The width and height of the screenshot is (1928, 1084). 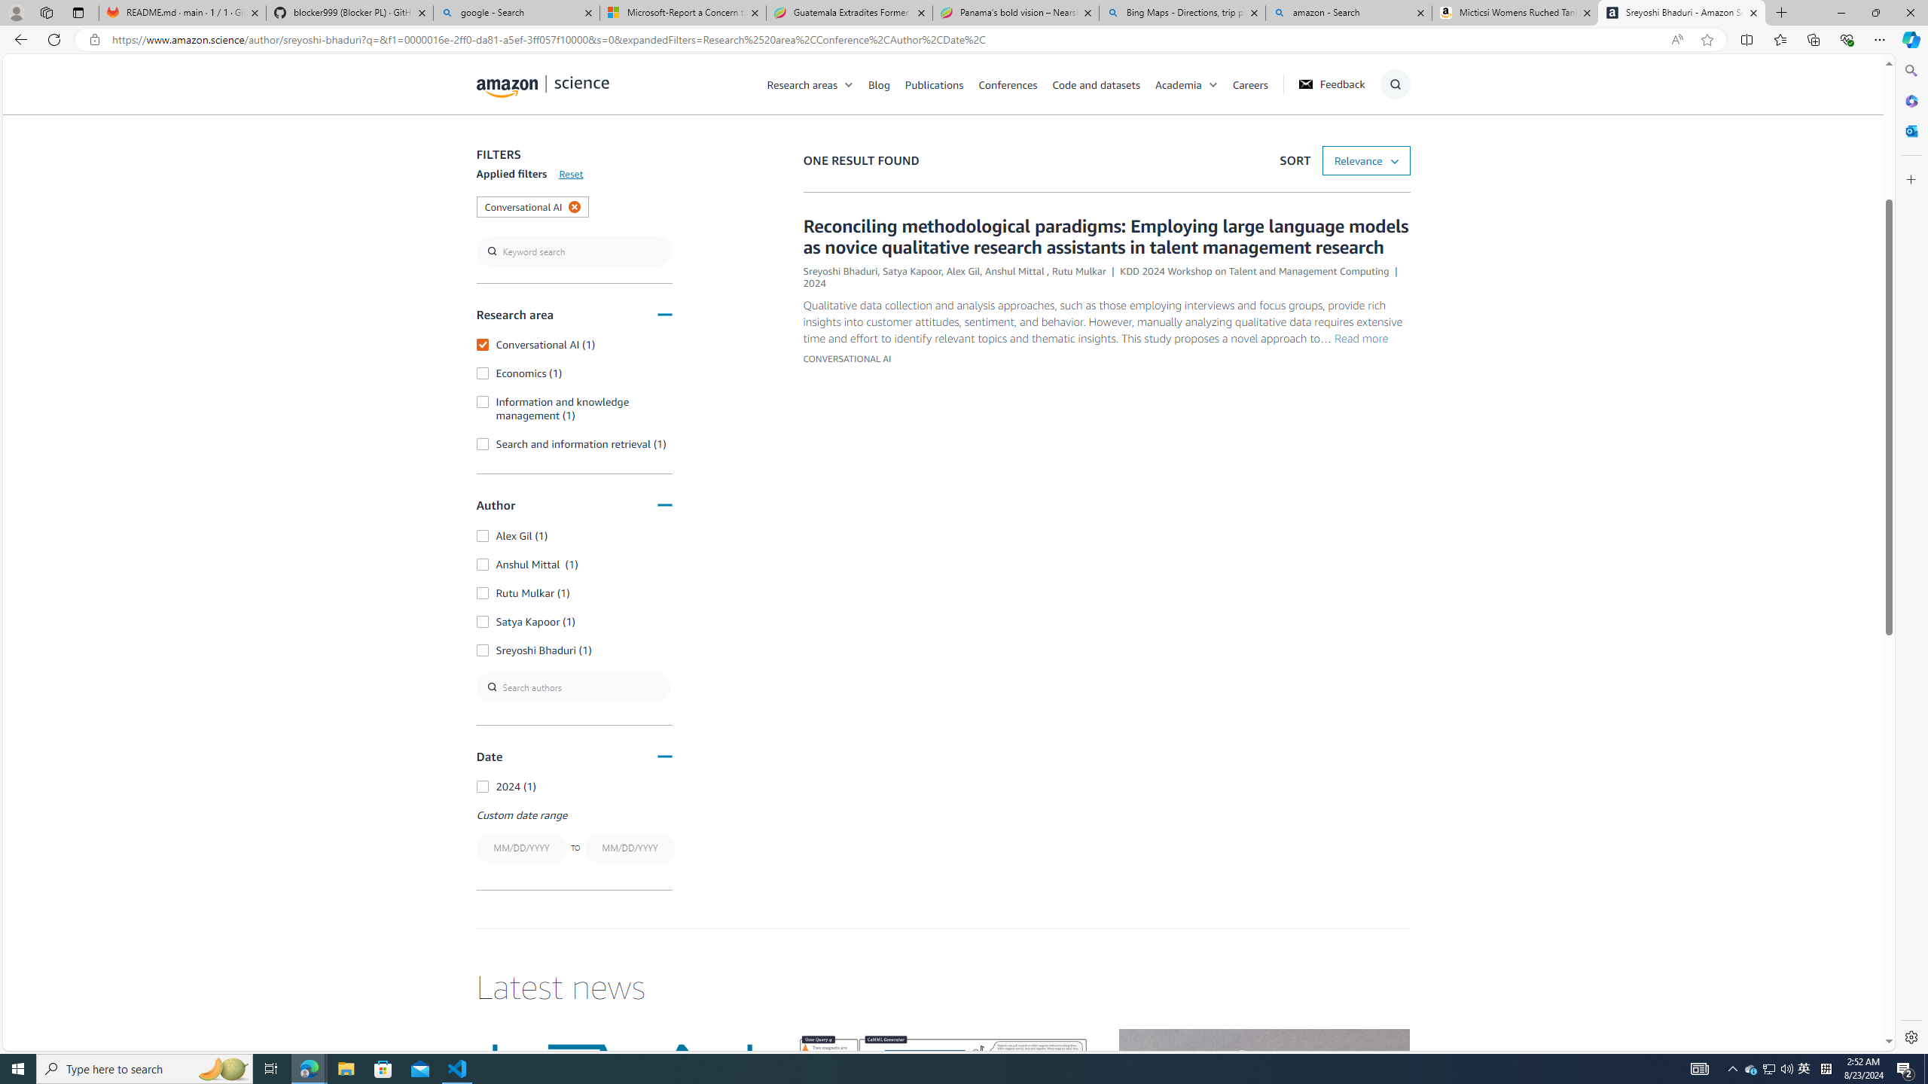 What do you see at coordinates (1347, 12) in the screenshot?
I see `'amazon - Search'` at bounding box center [1347, 12].